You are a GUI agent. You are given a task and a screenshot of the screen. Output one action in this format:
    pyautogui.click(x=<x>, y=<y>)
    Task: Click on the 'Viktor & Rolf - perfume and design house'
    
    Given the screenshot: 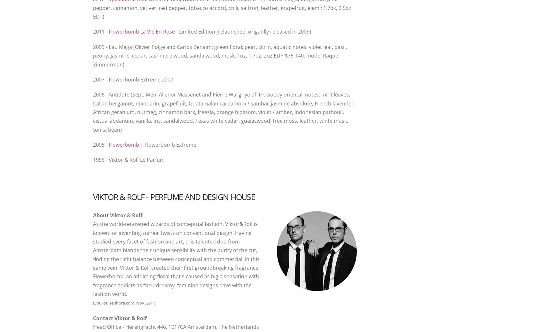 What is the action you would take?
    pyautogui.click(x=174, y=196)
    